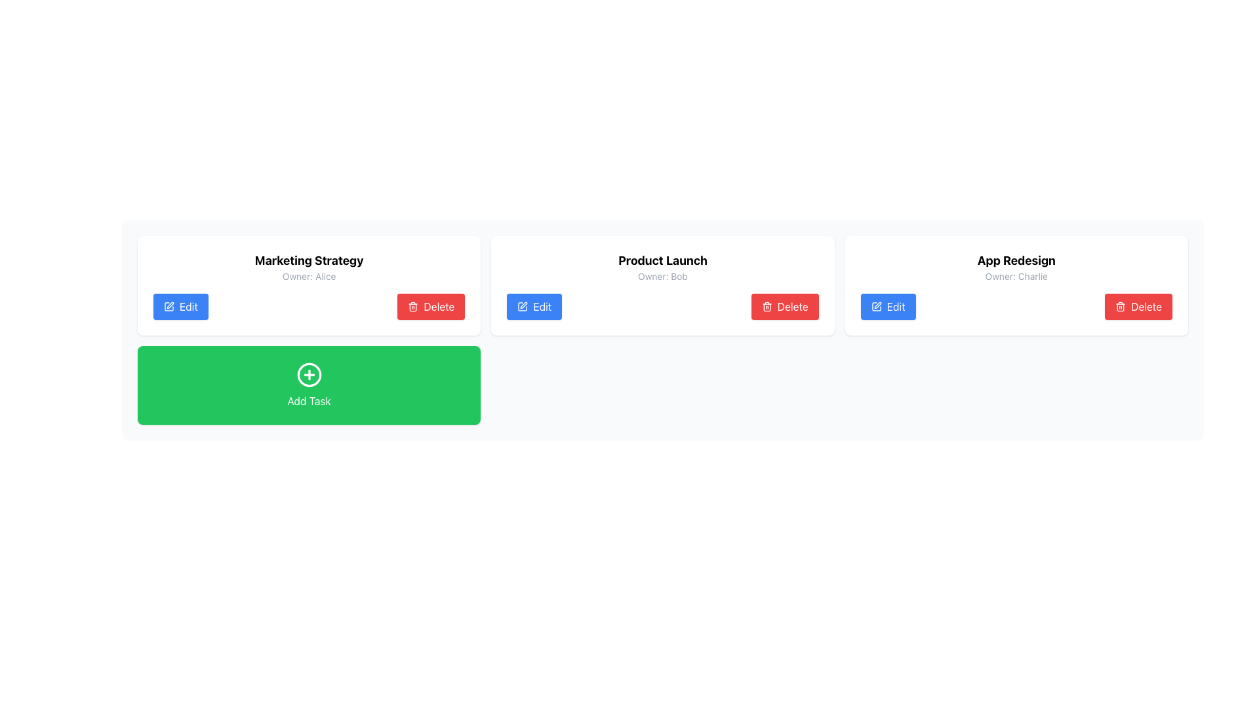 The height and width of the screenshot is (708, 1259). I want to click on the bolded text label displaying 'Product Launch' located at the top of the central card in a horizontal row of three cards, so click(663, 260).